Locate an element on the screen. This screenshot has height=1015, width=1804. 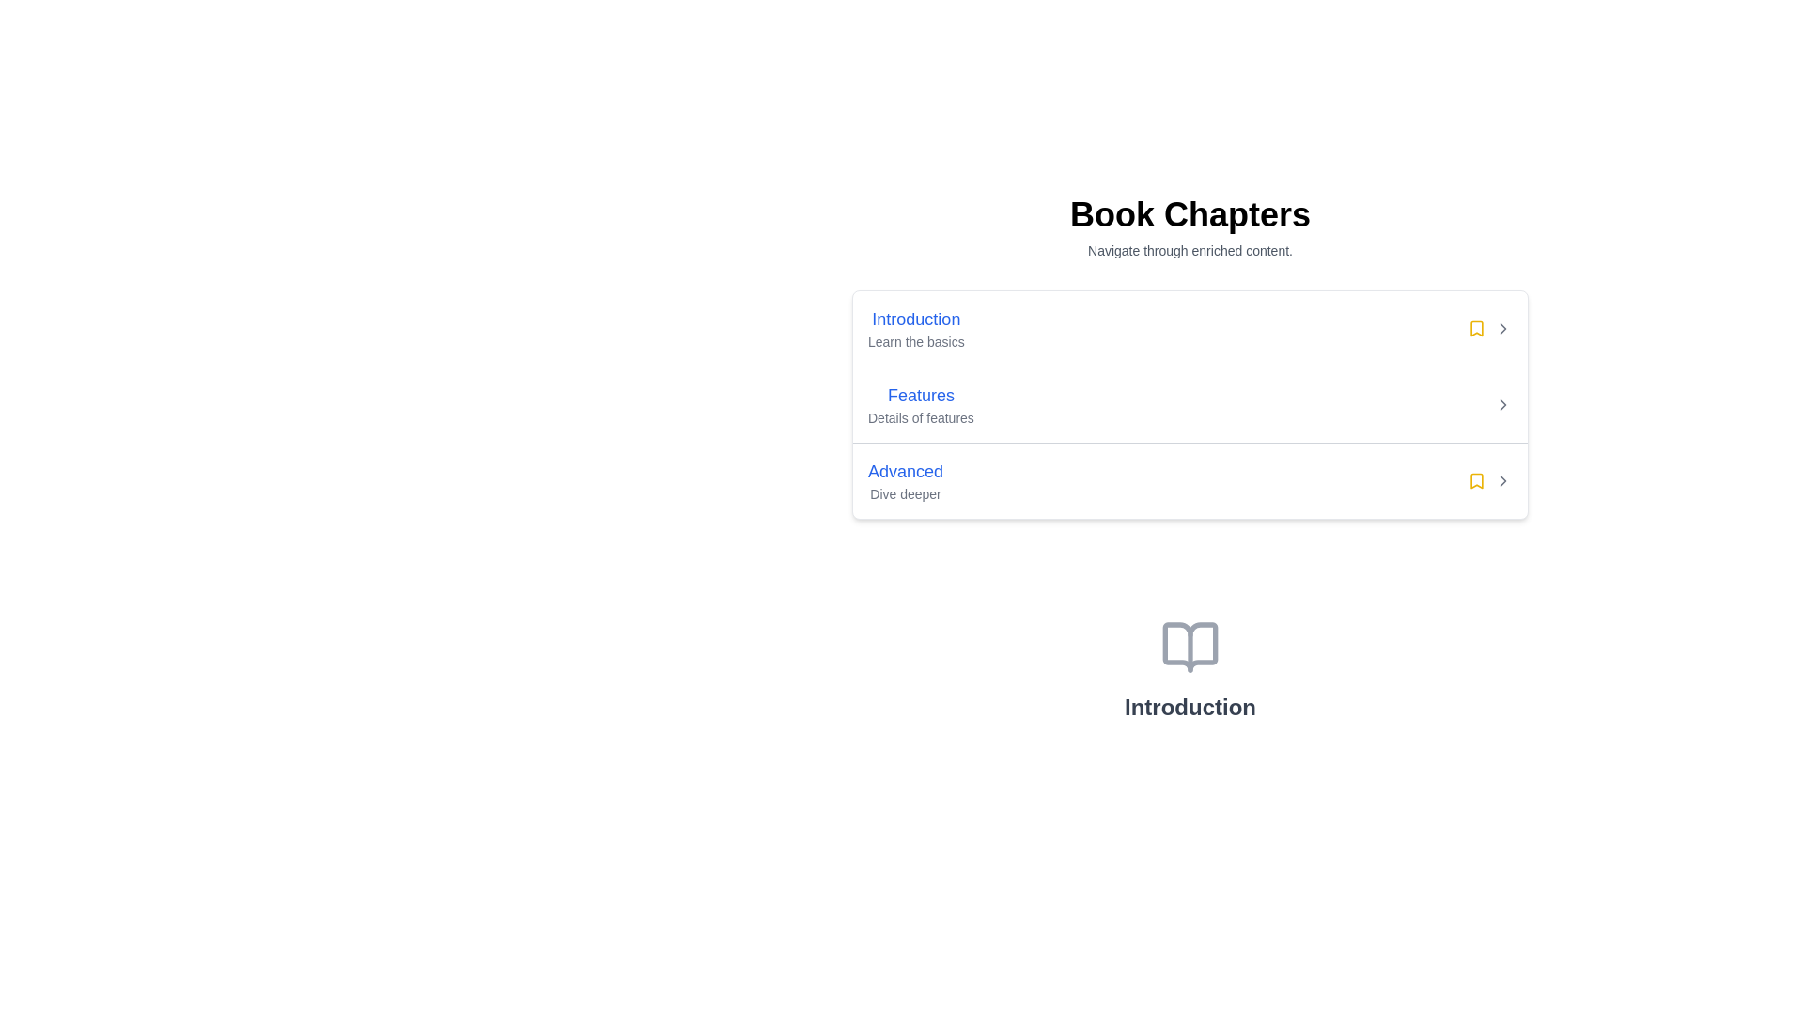
the 'Introduction' hyperlink styled text is located at coordinates (916, 318).